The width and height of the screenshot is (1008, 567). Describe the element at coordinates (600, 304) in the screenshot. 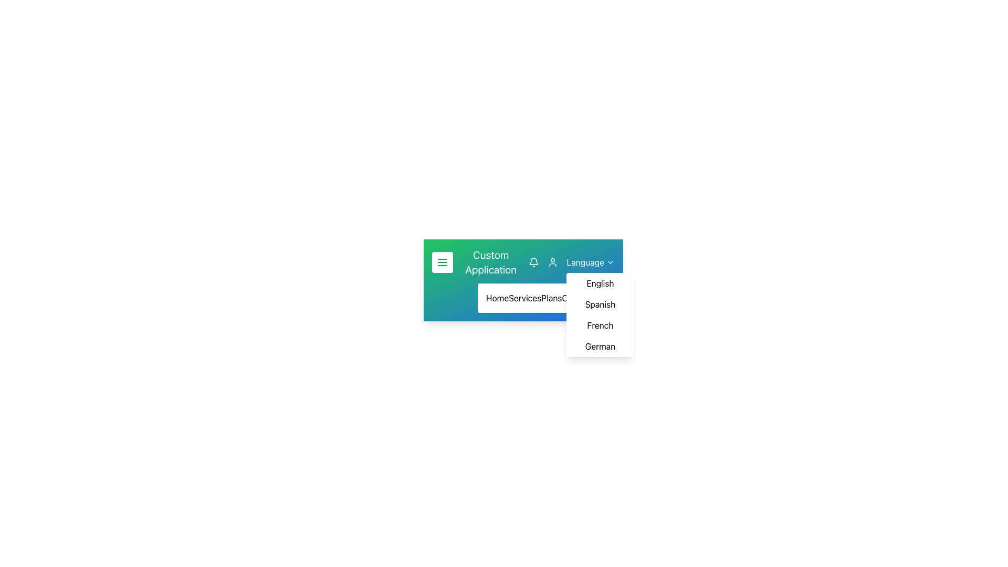

I see `the second item in the dropdown menu` at that location.